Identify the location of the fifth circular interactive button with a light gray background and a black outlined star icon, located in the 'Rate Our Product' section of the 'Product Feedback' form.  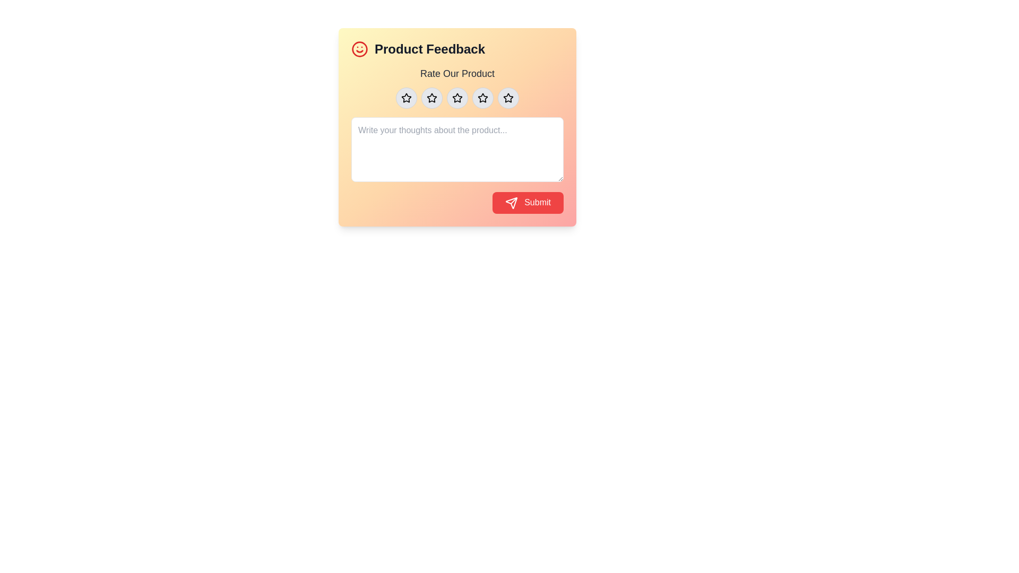
(508, 98).